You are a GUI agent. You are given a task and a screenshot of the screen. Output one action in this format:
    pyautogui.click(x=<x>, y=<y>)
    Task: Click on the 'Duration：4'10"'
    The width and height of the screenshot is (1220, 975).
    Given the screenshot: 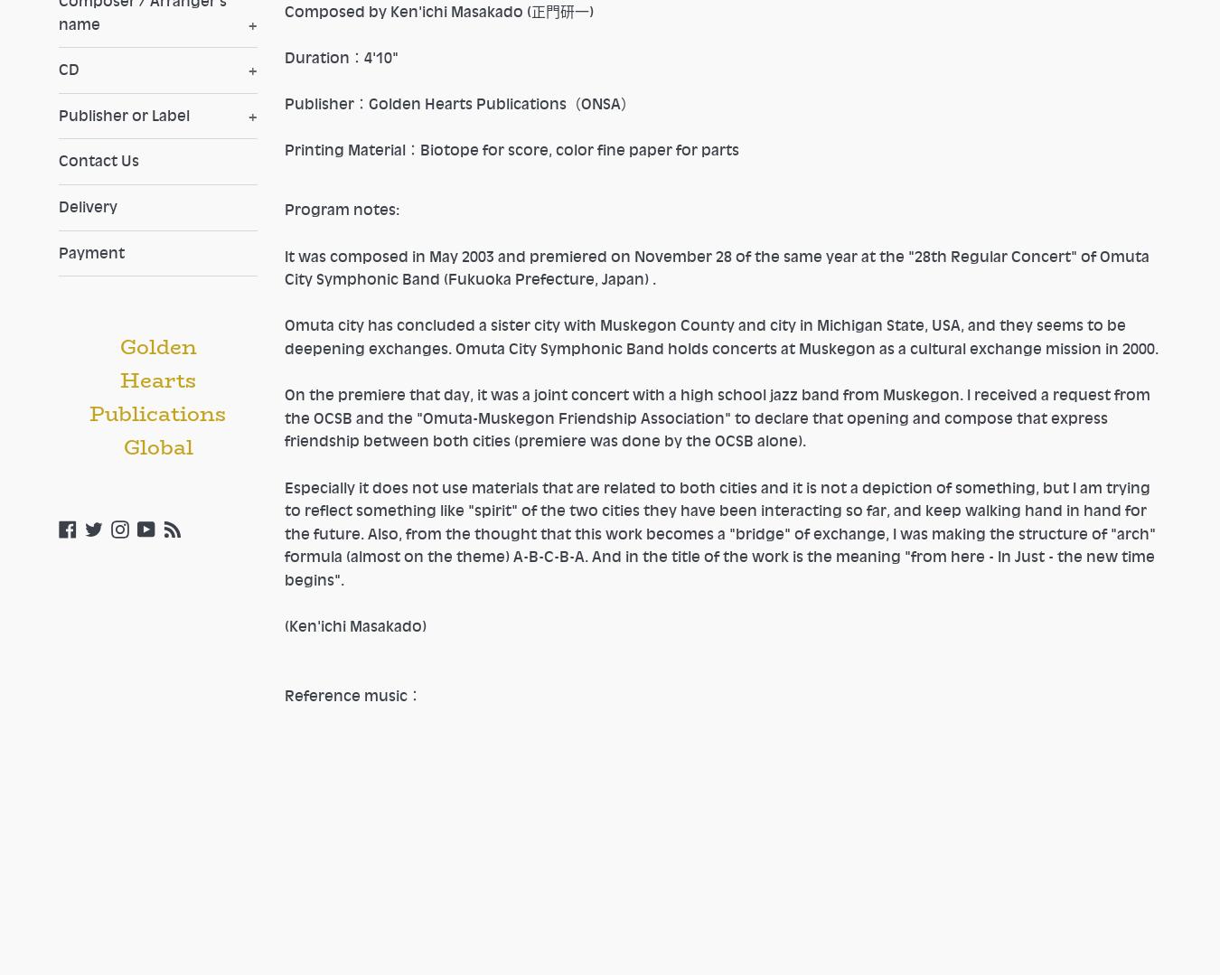 What is the action you would take?
    pyautogui.click(x=342, y=56)
    